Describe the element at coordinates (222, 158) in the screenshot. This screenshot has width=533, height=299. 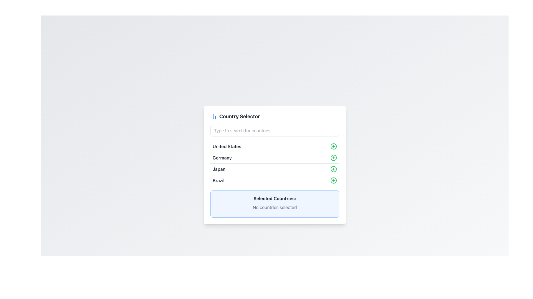
I see `the Text Label element displaying 'Germany', which is the second entry in a vertical list of countries, located below 'United States' and above 'Japan'` at that location.